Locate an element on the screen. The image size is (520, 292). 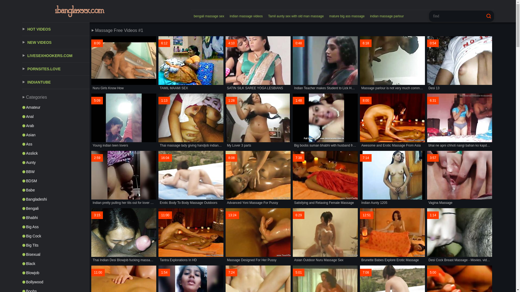
'Bollywood' is located at coordinates (56, 281).